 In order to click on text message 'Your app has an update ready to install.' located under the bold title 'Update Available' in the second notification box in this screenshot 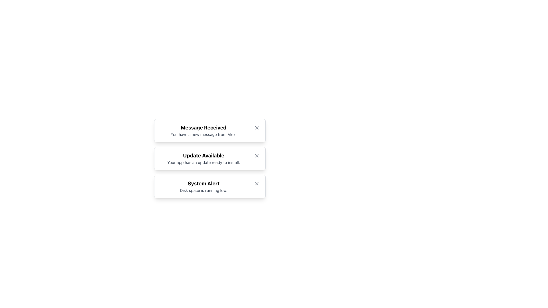, I will do `click(204, 163)`.